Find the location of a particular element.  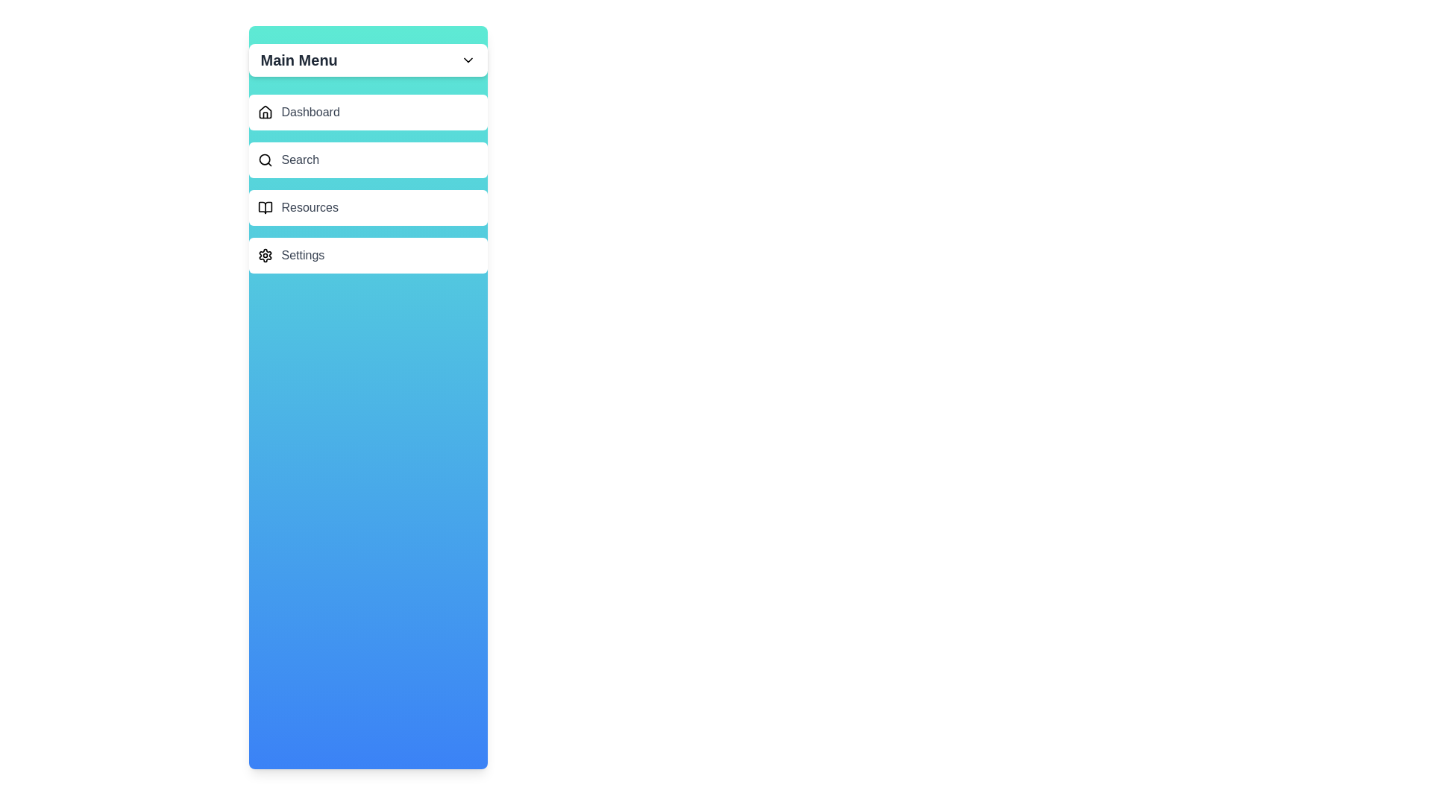

the menu item labeled Settings is located at coordinates (368, 255).